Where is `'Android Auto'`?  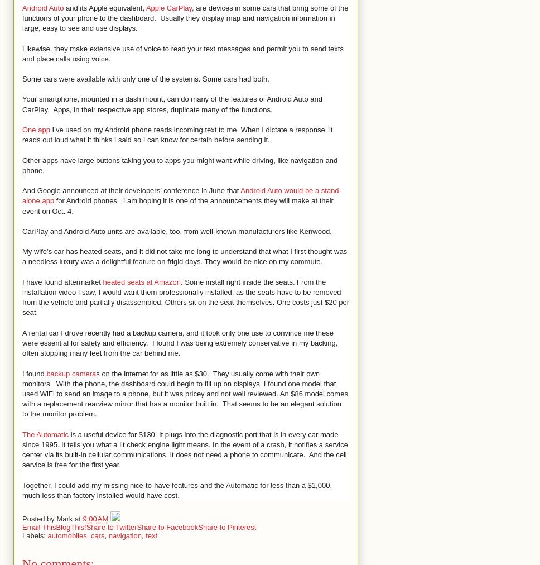 'Android Auto' is located at coordinates (42, 7).